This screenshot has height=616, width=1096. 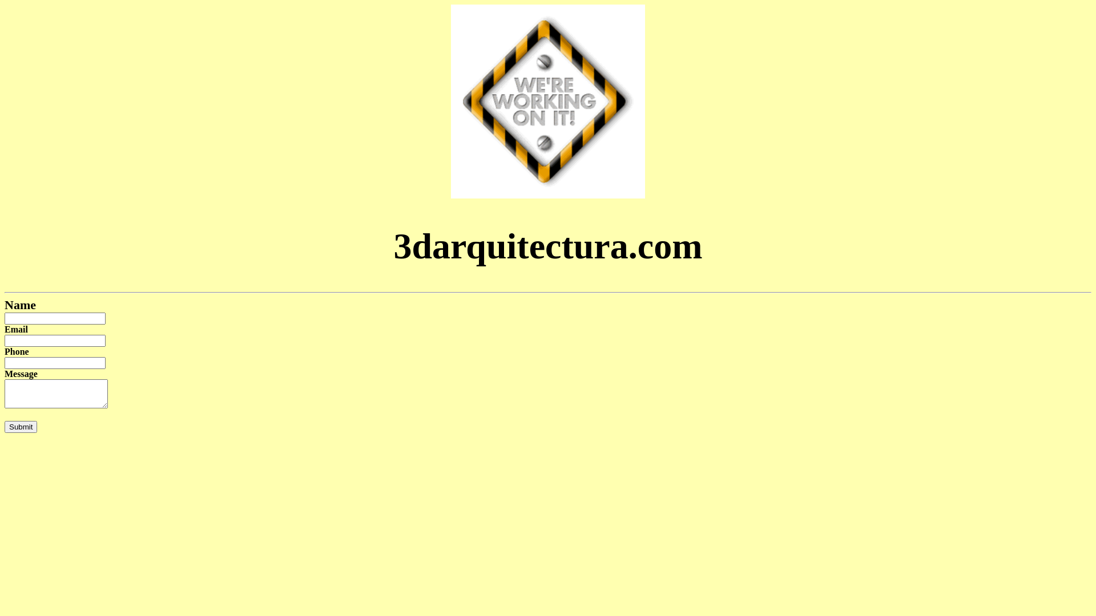 What do you see at coordinates (5, 427) in the screenshot?
I see `'Submit'` at bounding box center [5, 427].